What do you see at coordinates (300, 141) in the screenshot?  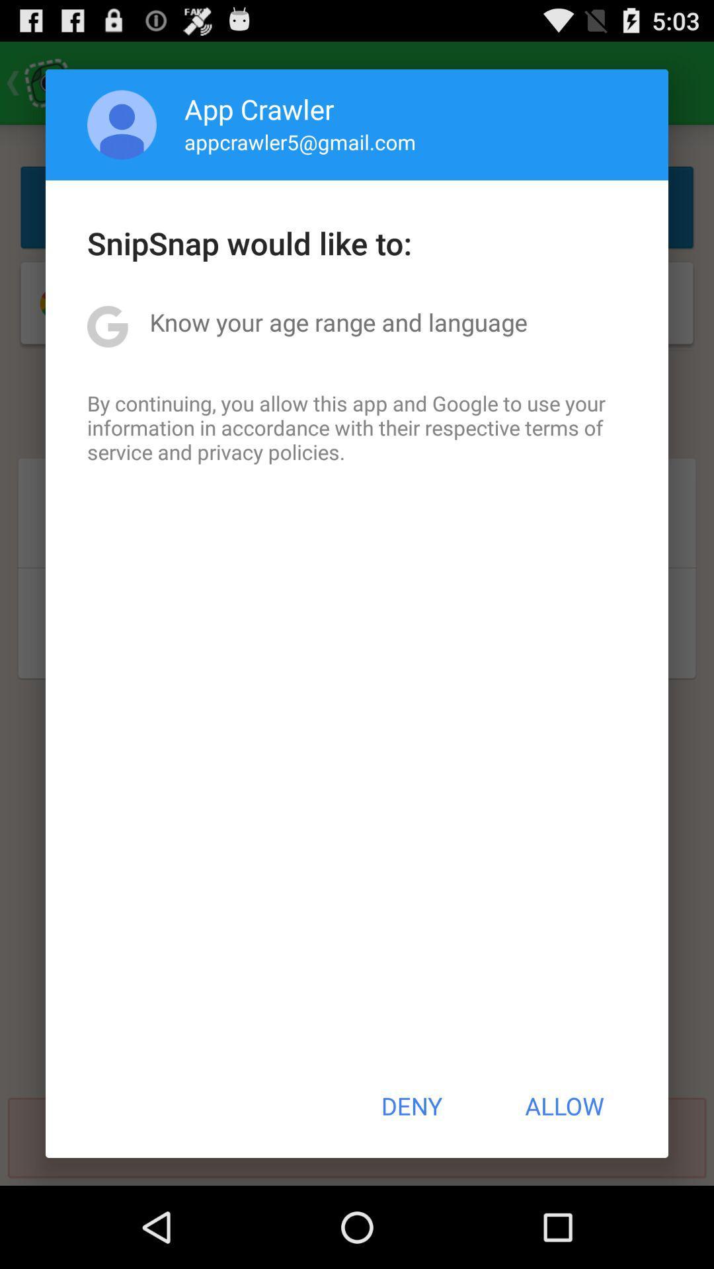 I see `the app below the app crawler` at bounding box center [300, 141].